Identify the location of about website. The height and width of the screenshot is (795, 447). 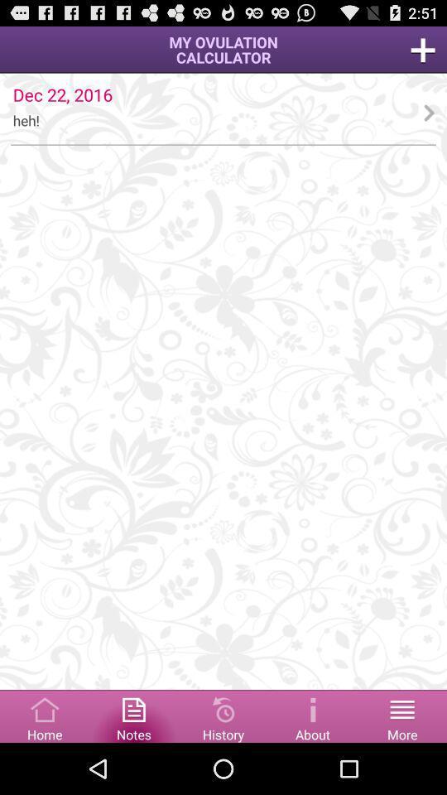
(313, 715).